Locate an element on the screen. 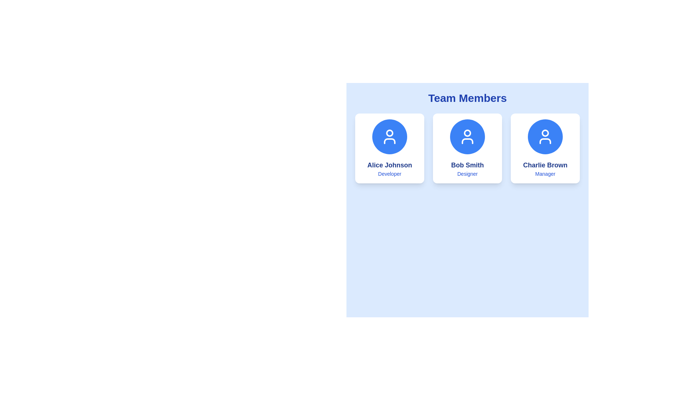 The height and width of the screenshot is (393, 698). the text label indicating the role or position of 'Charlie Brown' within the 'Team Members' section, located below his name in the third card of three cards is located at coordinates (545, 174).